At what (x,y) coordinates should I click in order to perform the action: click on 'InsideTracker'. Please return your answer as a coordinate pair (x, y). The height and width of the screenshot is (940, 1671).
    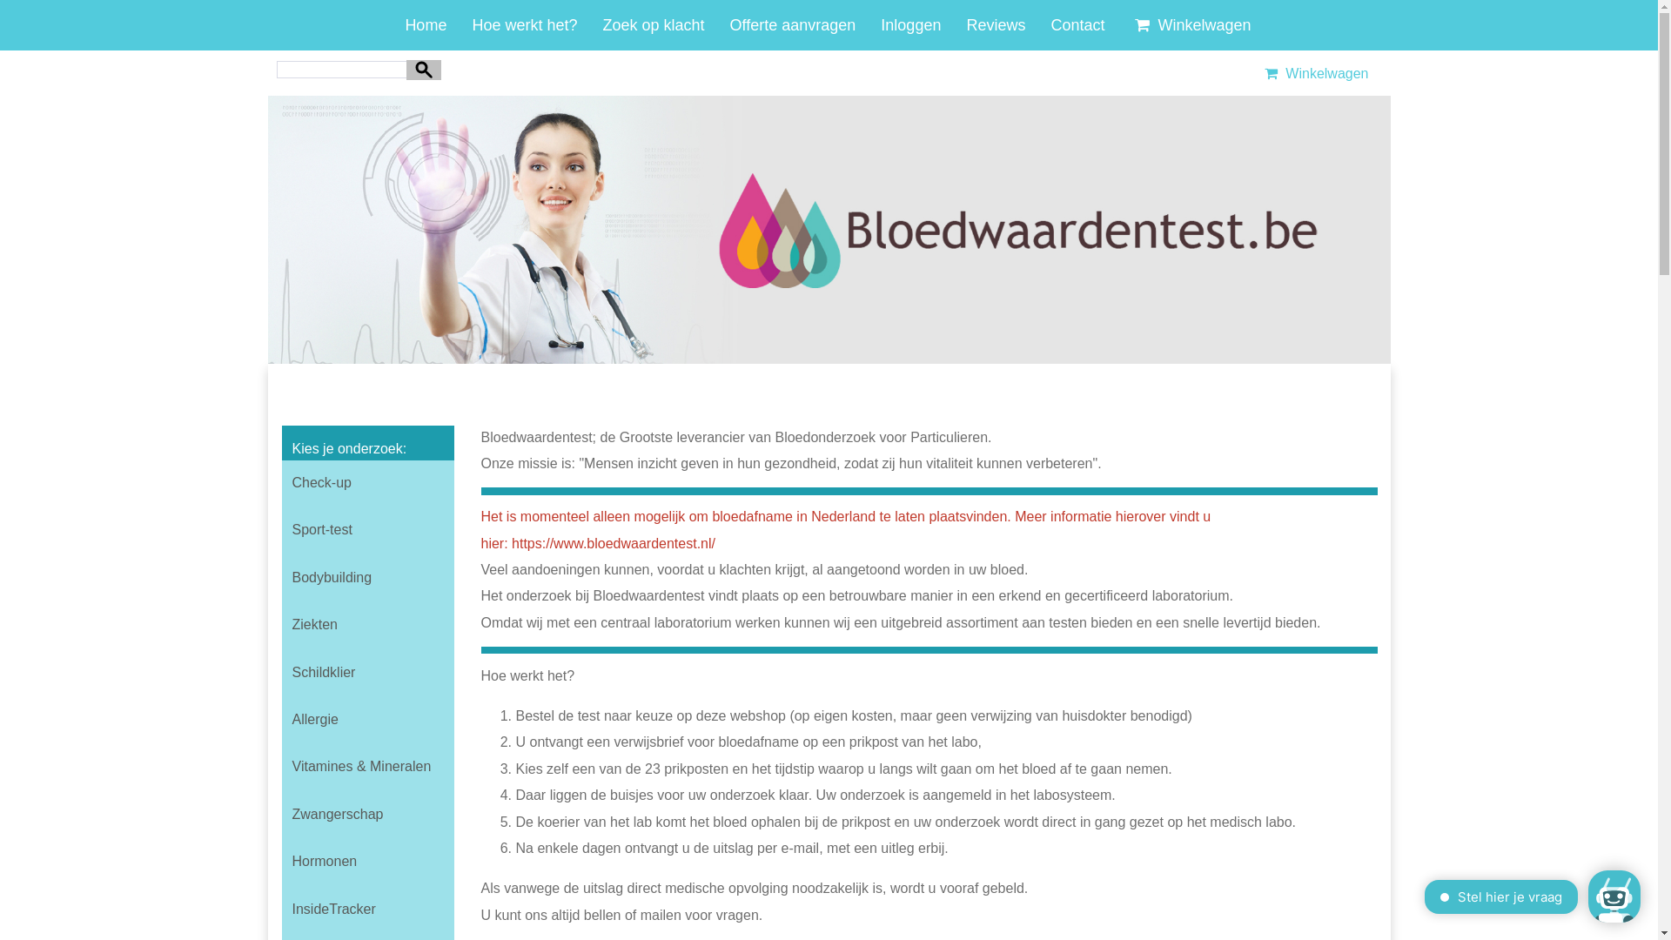
    Looking at the image, I should click on (366, 909).